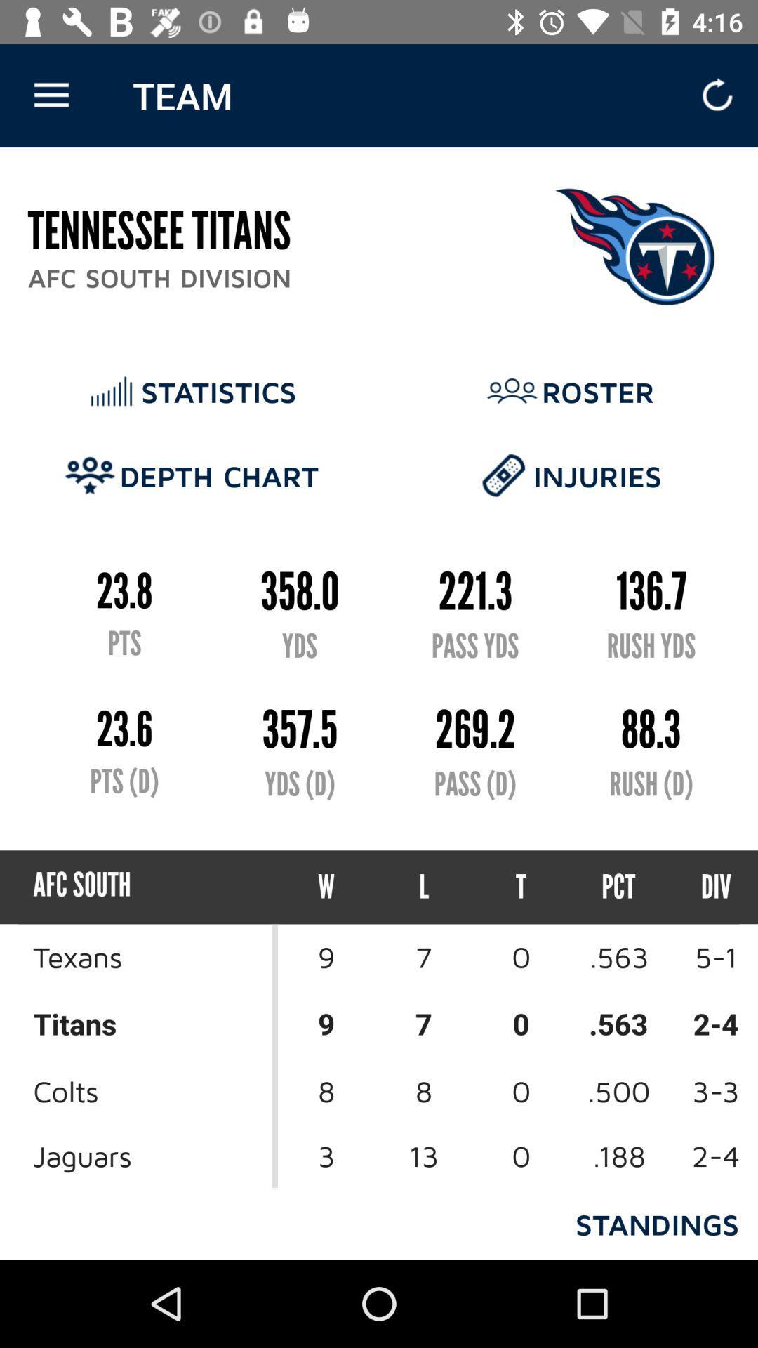  Describe the element at coordinates (618, 886) in the screenshot. I see `icon above the 0` at that location.